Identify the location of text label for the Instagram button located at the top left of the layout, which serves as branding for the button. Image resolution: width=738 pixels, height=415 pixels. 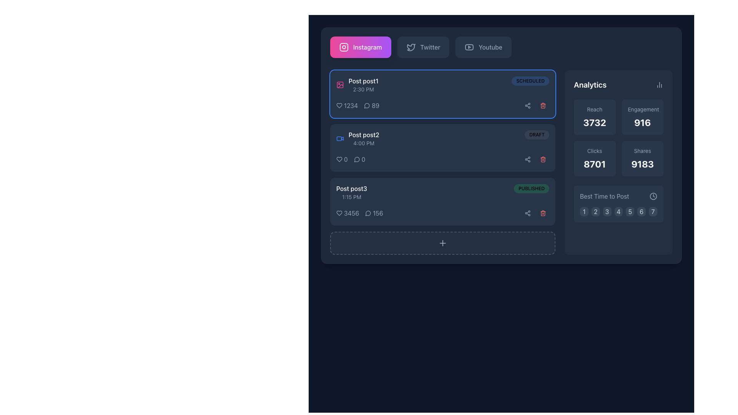
(367, 47).